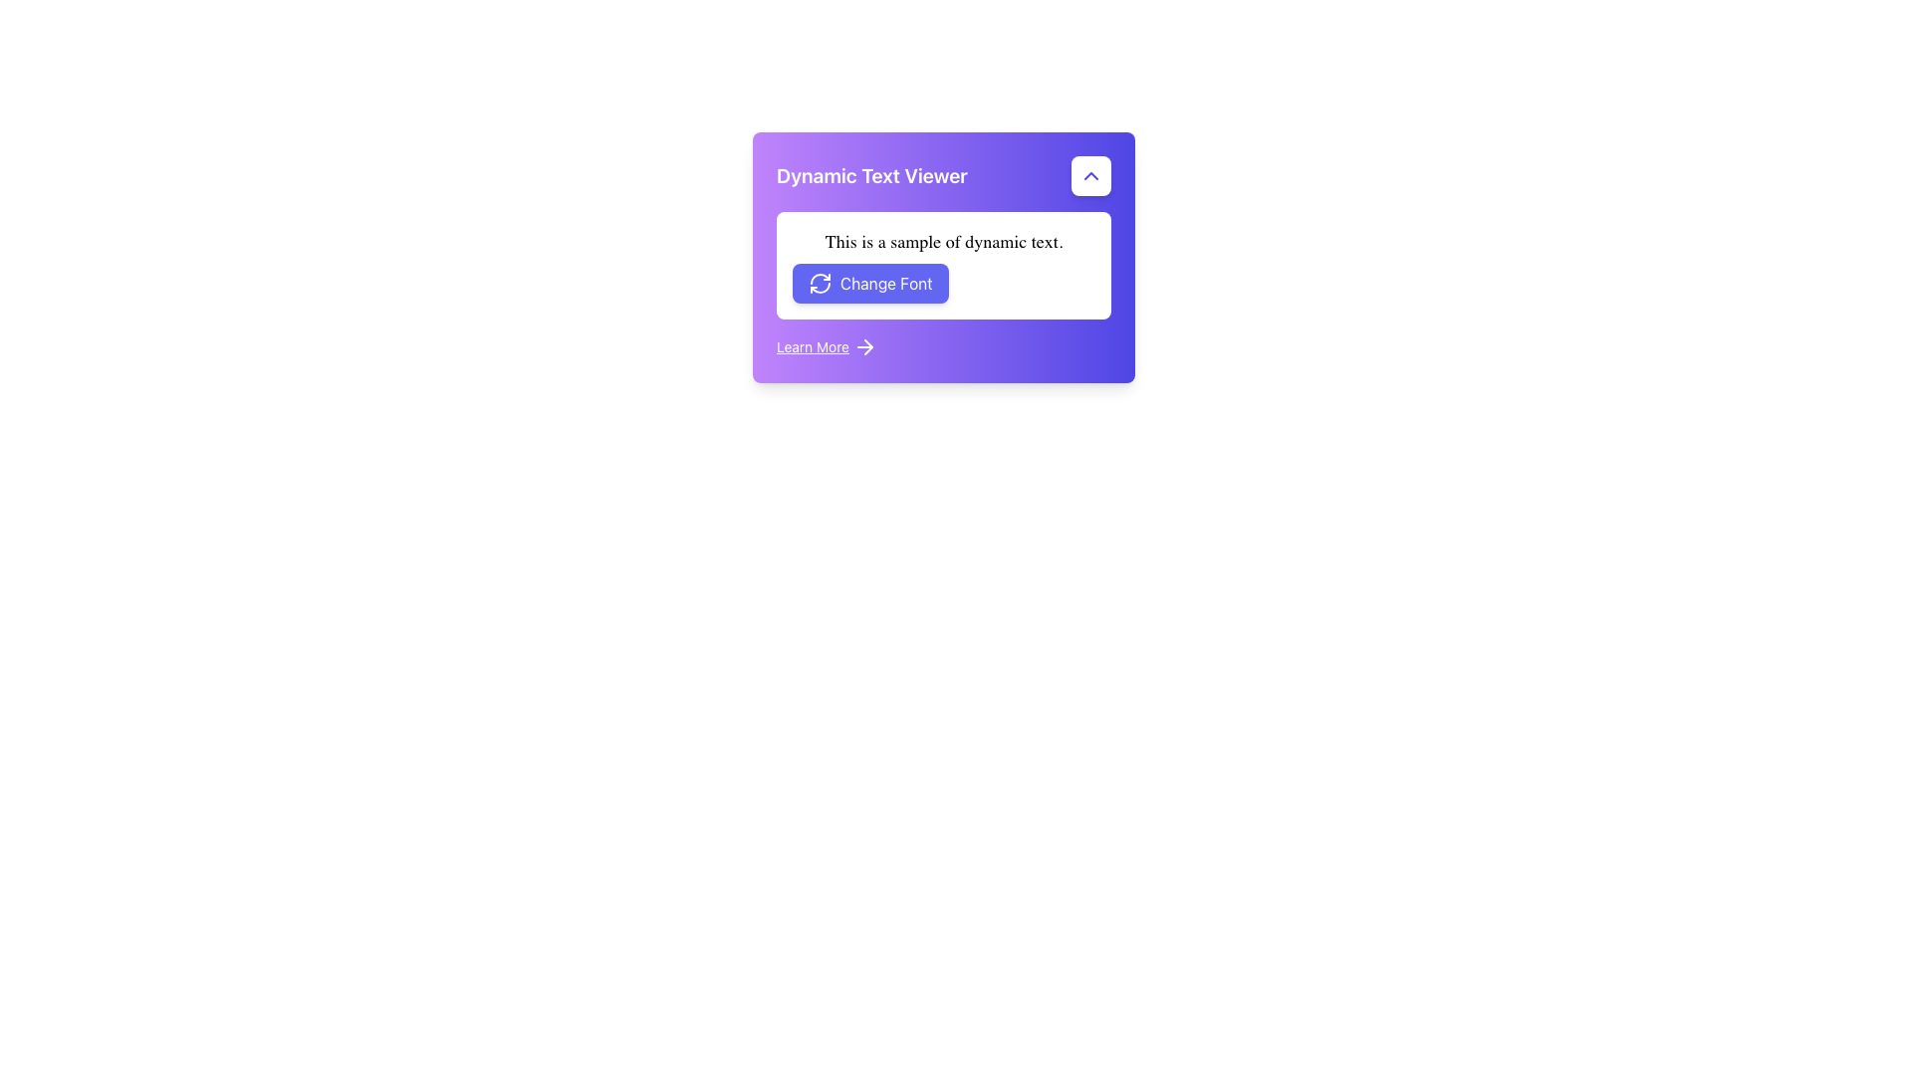 This screenshot has width=1912, height=1075. I want to click on the chevron icon located at the top-right corner of the 'Dynamic Text Viewer' card, so click(1089, 175).